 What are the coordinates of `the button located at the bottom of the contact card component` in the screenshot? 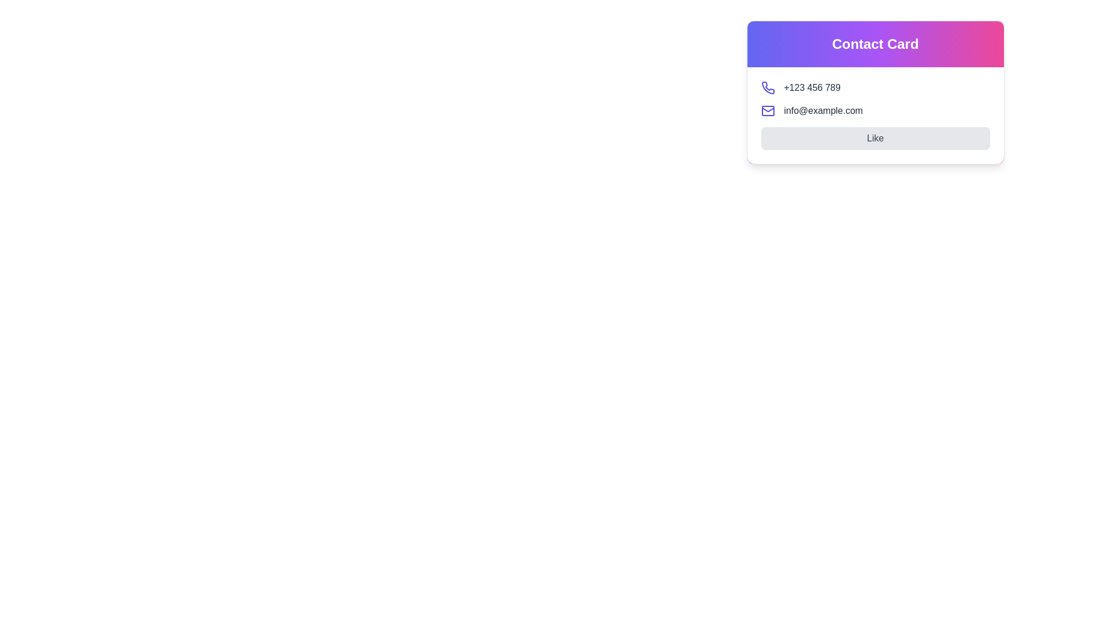 It's located at (875, 137).